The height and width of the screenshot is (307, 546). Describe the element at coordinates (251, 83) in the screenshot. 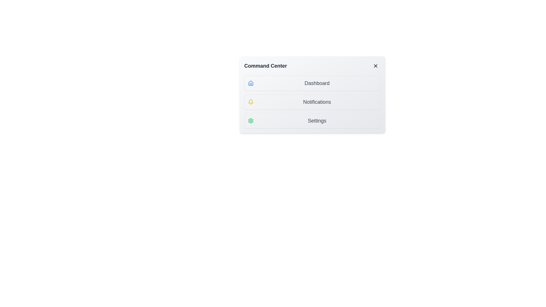

I see `the home icon located next to 'Dashboard'` at that location.